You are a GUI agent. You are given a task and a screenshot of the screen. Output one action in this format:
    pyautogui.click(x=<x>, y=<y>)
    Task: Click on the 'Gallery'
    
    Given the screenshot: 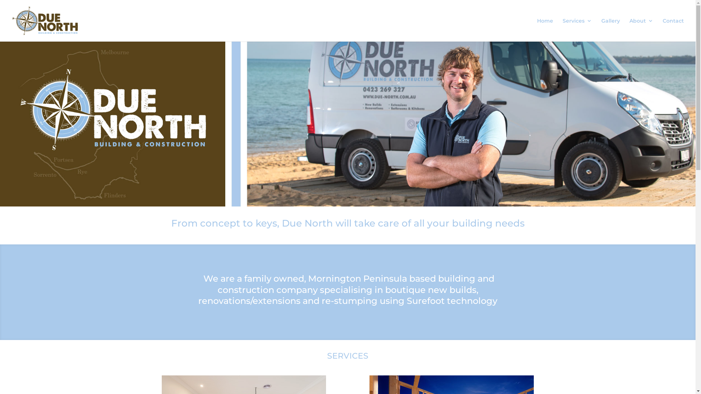 What is the action you would take?
    pyautogui.click(x=610, y=29)
    